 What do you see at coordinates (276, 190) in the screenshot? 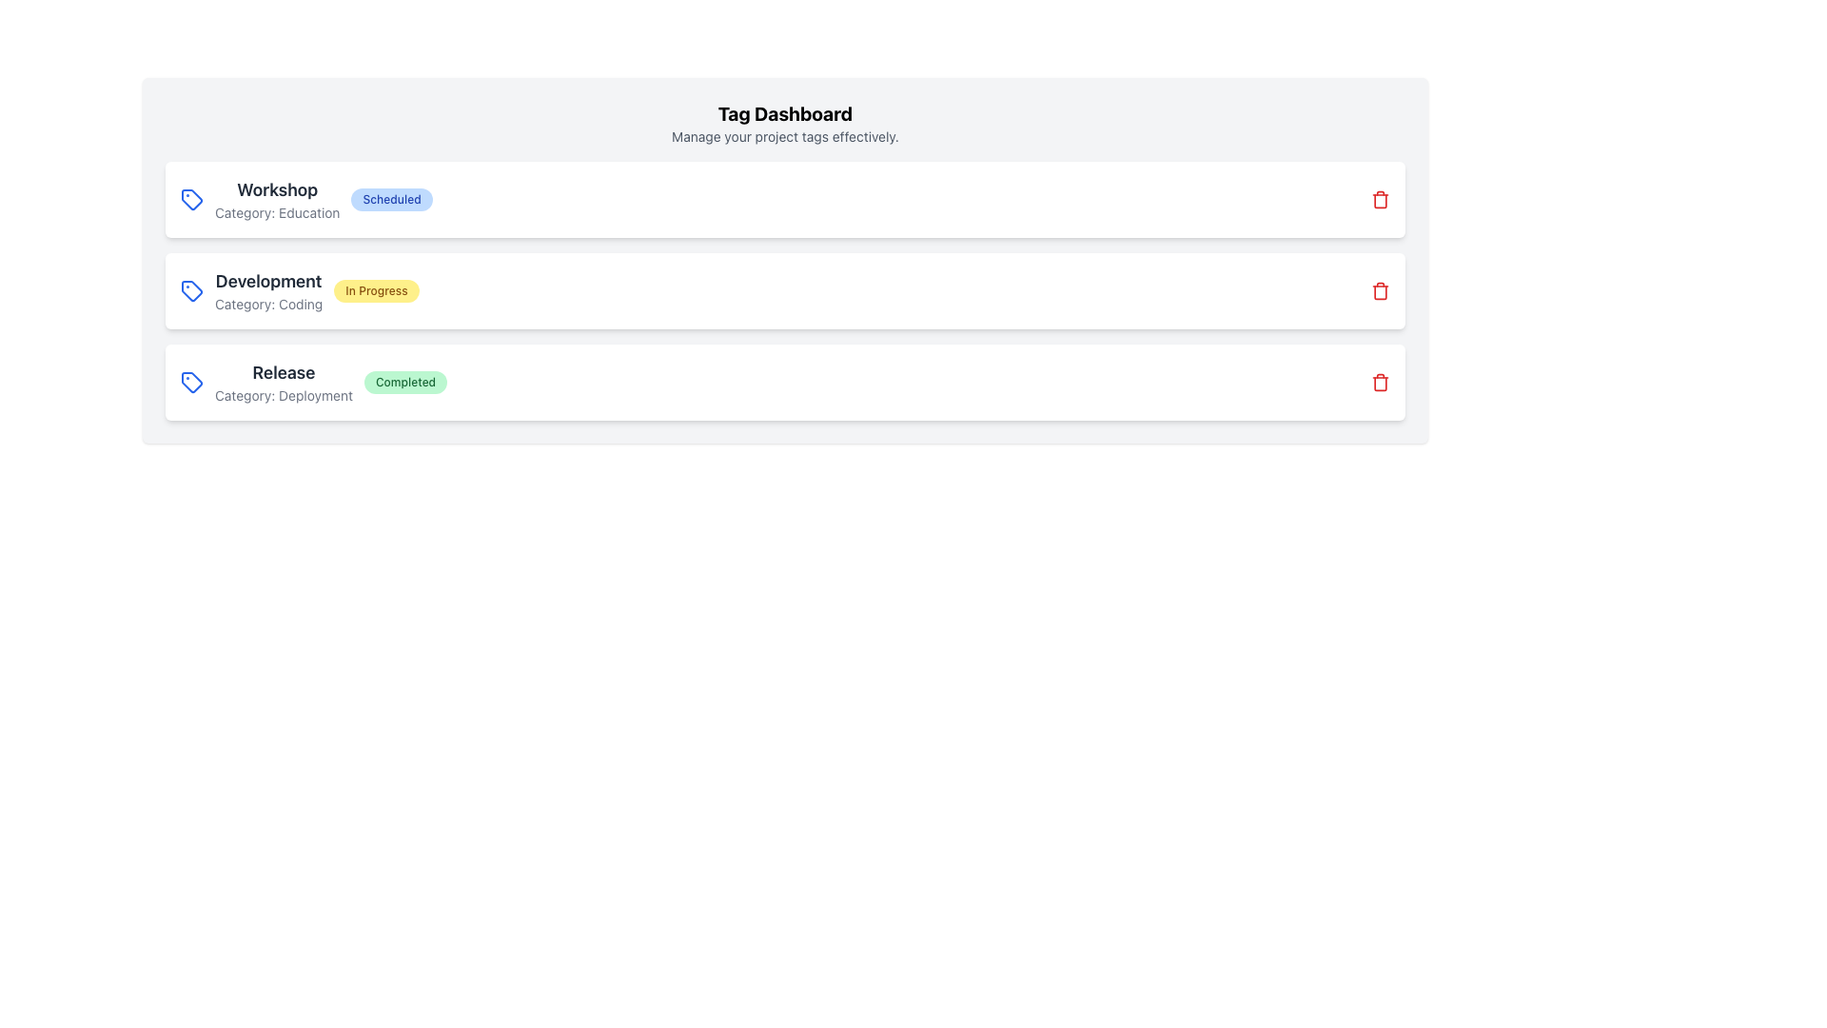
I see `the bold text label reading 'Workshop', which is the first item in a vertically stacked list` at bounding box center [276, 190].